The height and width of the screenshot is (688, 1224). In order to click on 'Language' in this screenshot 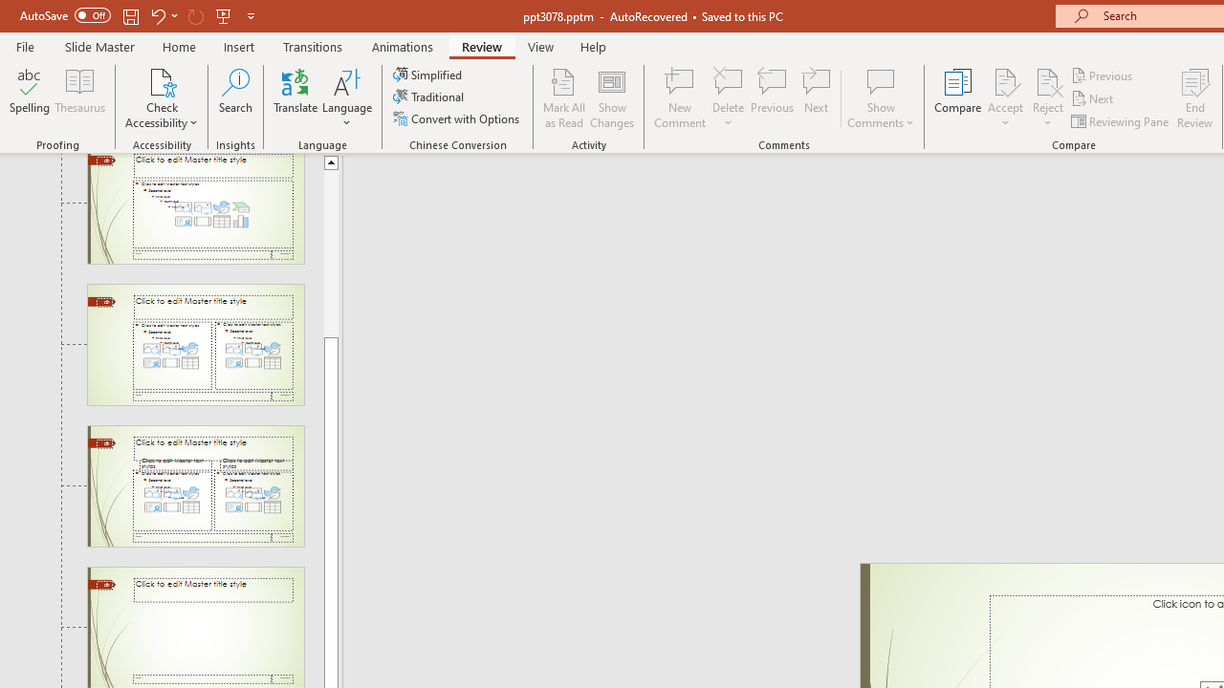, I will do `click(347, 98)`.